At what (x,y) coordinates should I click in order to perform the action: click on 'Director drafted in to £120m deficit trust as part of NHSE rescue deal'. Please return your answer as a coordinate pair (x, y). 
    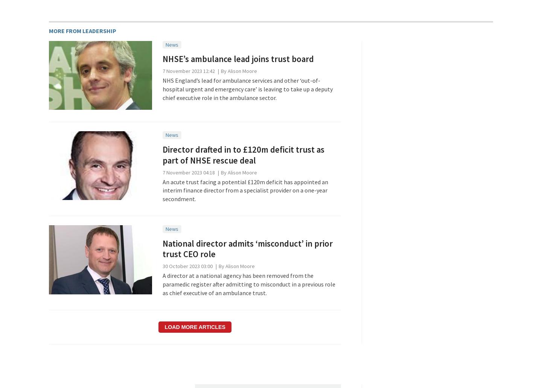
    Looking at the image, I should click on (242, 154).